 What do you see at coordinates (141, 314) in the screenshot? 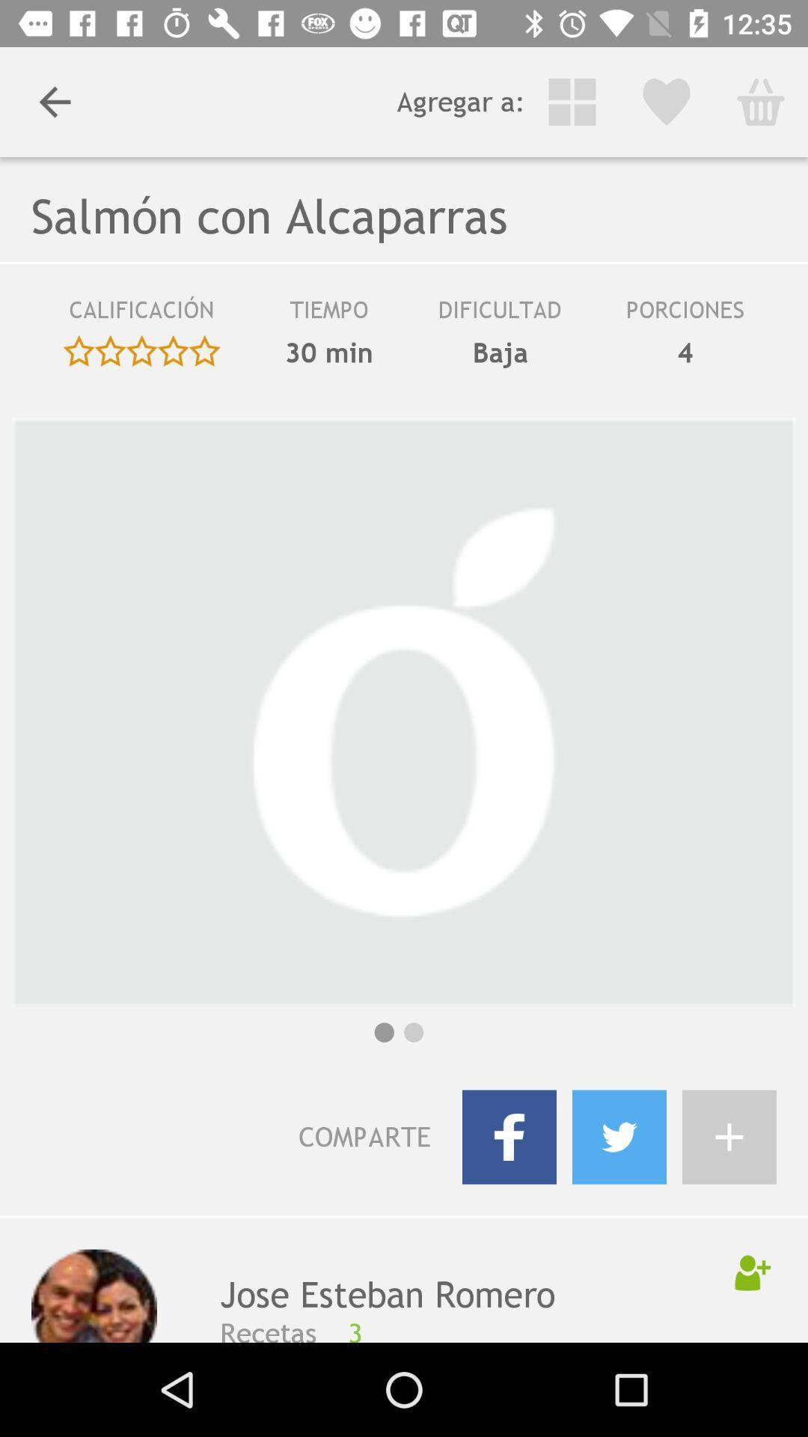
I see `icon next to the 30 min icon` at bounding box center [141, 314].